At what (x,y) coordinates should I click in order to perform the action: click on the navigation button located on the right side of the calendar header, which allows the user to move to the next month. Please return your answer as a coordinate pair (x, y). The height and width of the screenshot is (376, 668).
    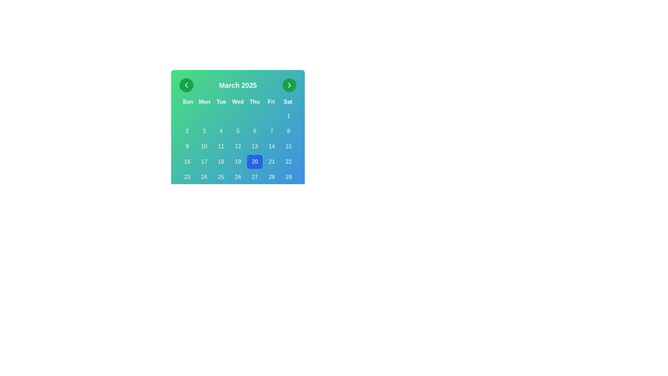
    Looking at the image, I should click on (289, 85).